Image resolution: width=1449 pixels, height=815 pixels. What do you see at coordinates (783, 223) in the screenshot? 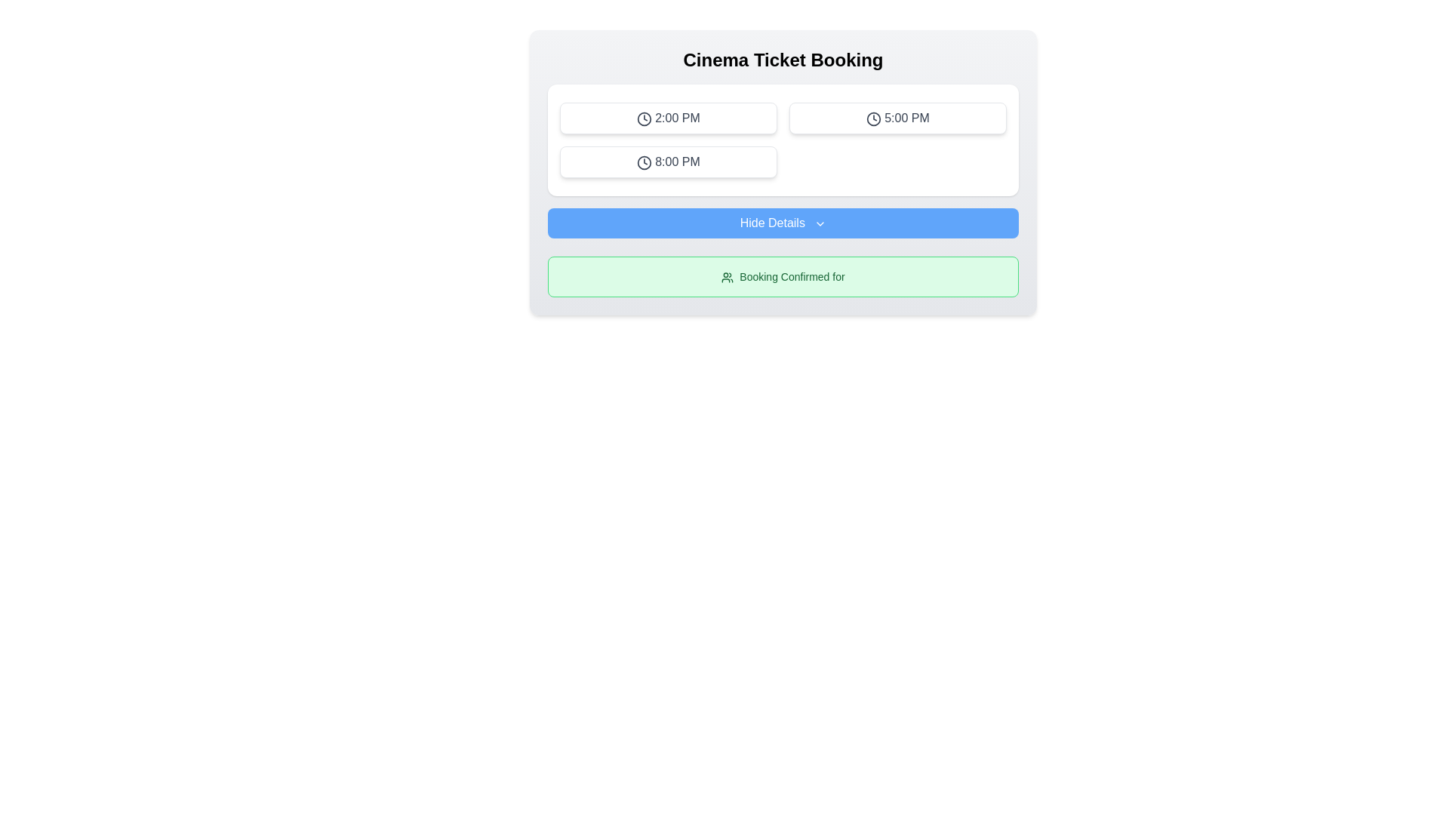
I see `the 'Hide Details' button with a blue background and white text` at bounding box center [783, 223].